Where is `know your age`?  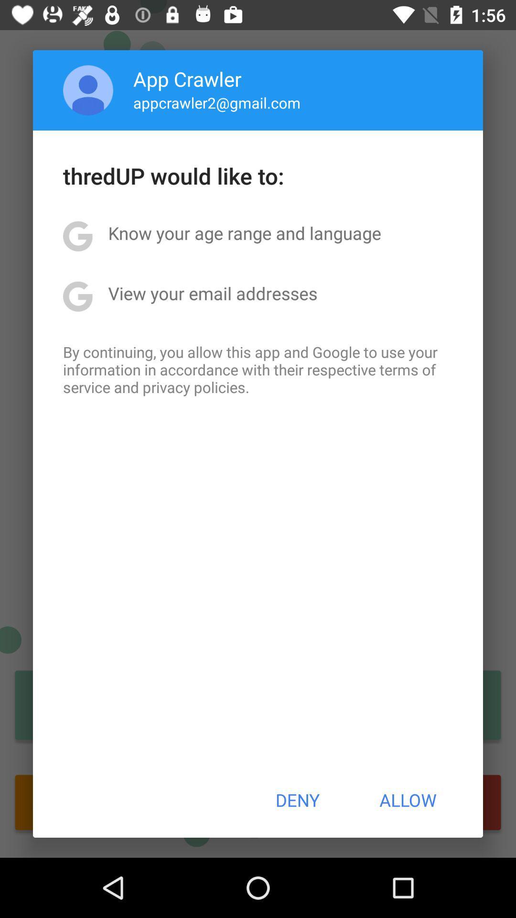 know your age is located at coordinates (244, 233).